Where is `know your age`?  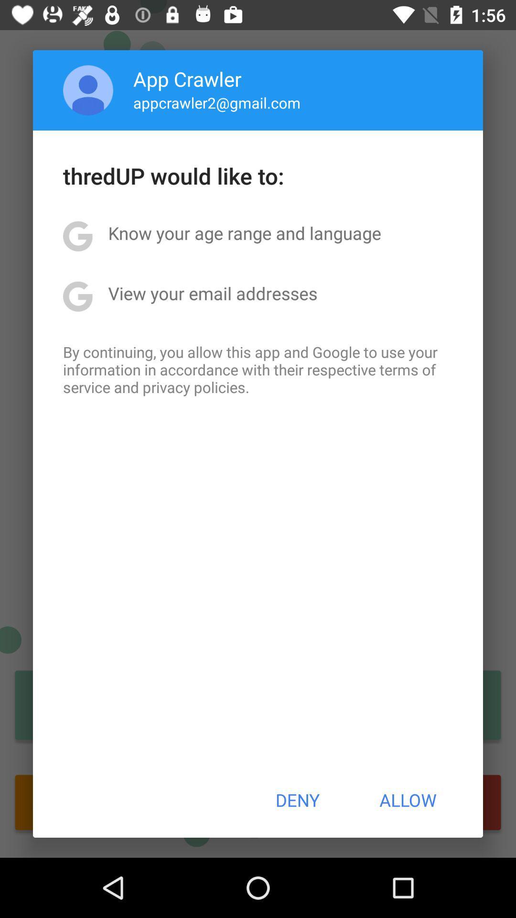 know your age is located at coordinates (244, 233).